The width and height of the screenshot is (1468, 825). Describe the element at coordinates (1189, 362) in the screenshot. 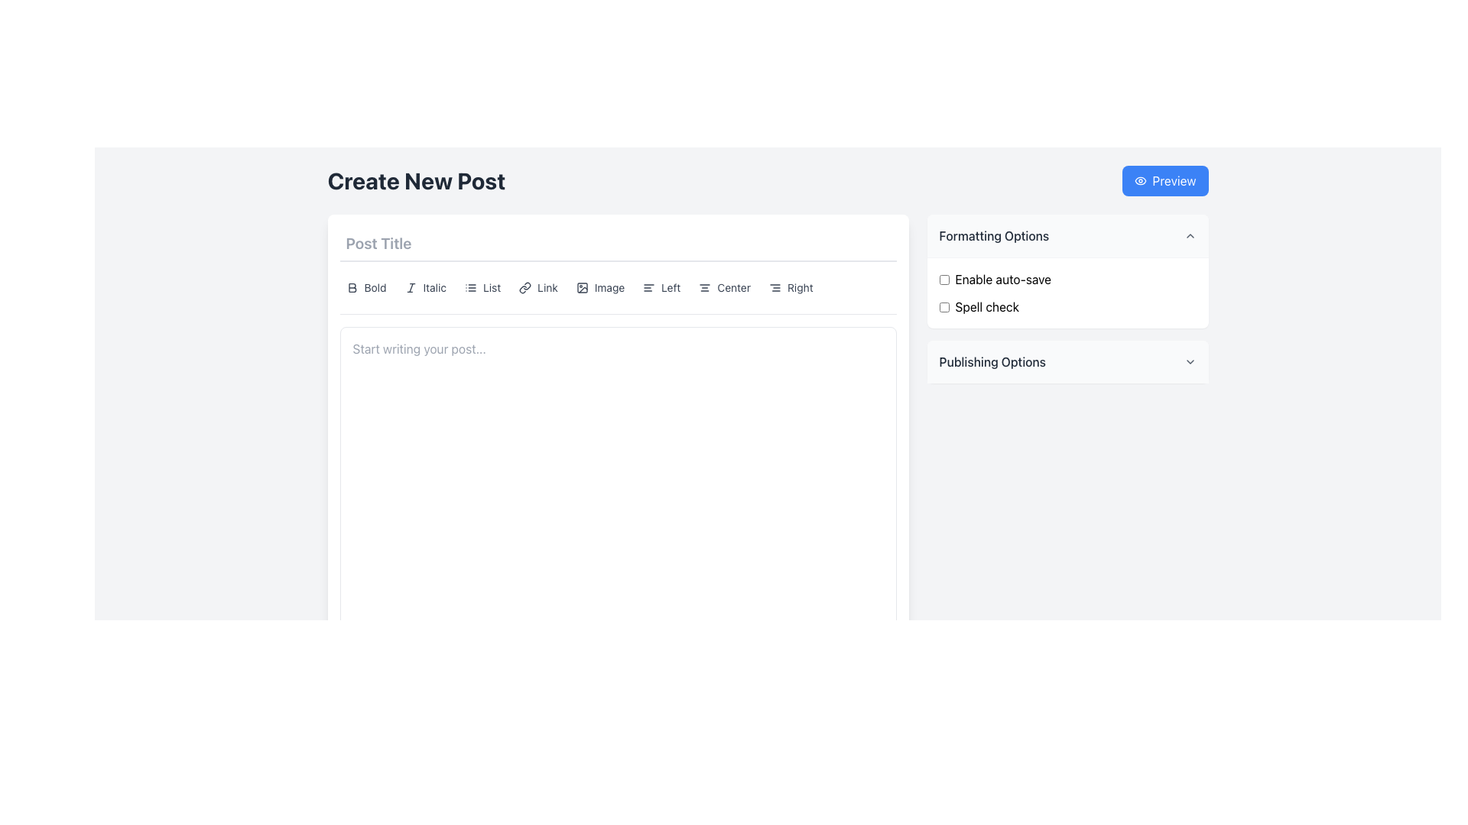

I see `the downward-facing chevron icon, styled with a stroke-based design, located within the 'Publishing Options' header` at that location.